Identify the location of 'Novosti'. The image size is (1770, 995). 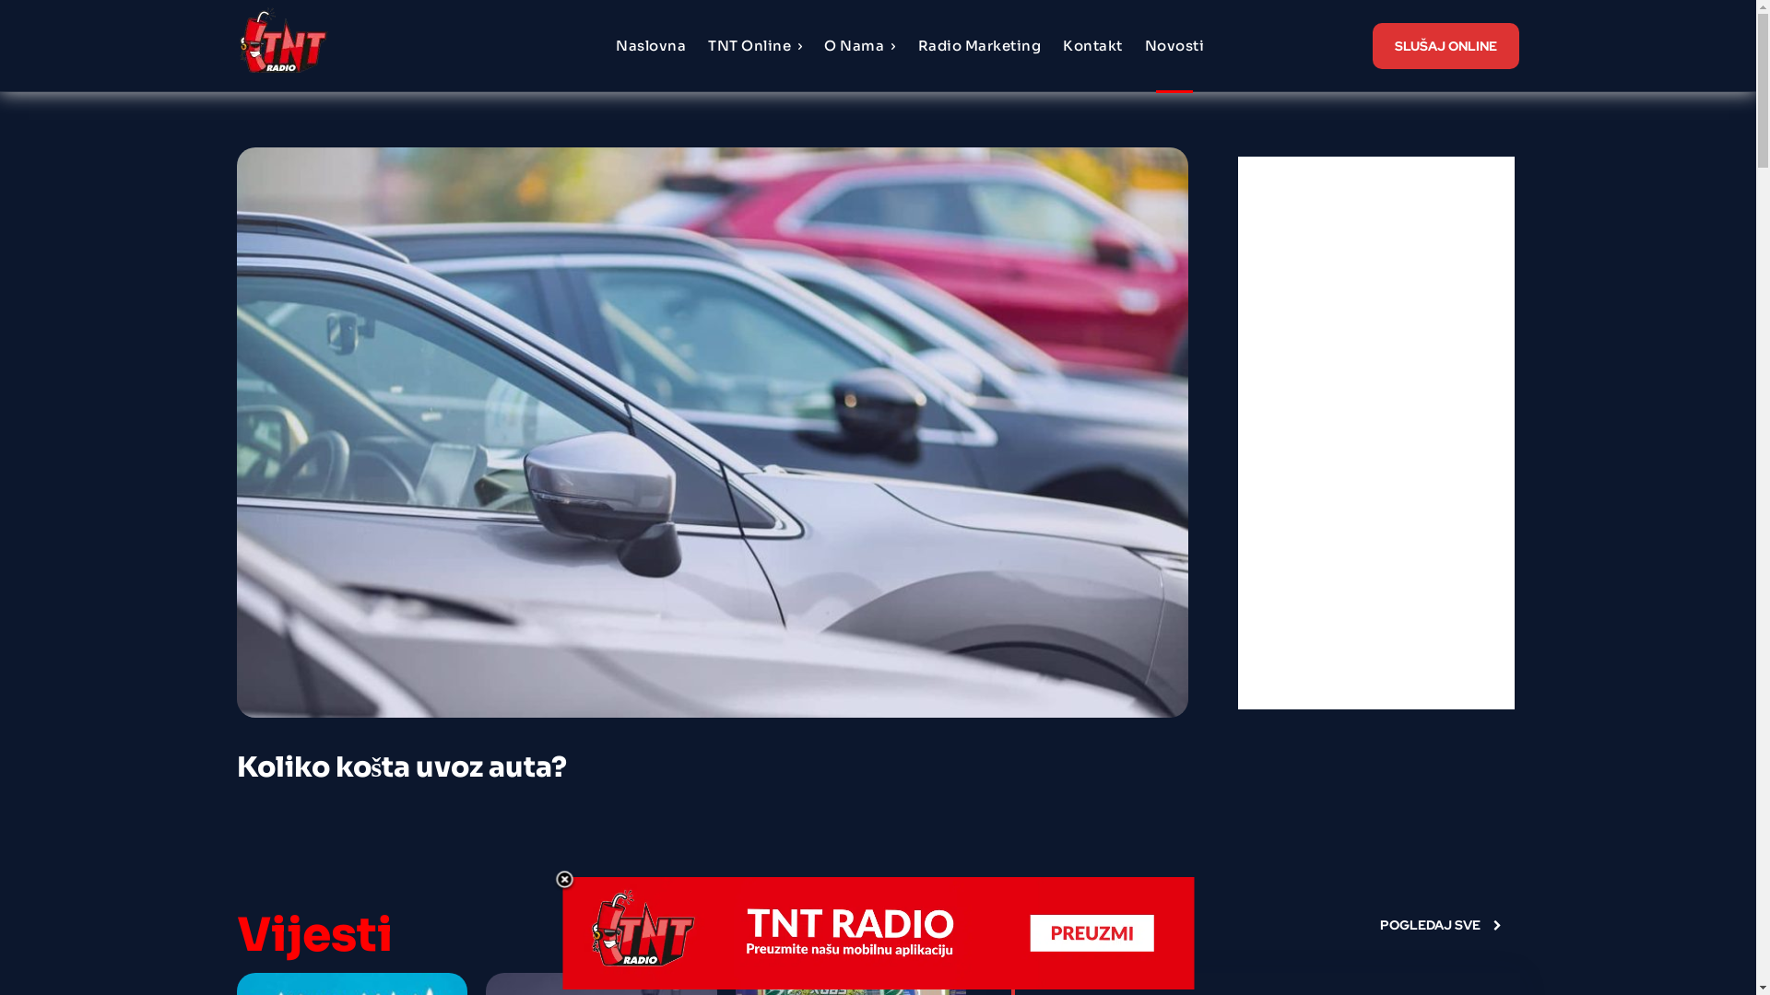
(1174, 45).